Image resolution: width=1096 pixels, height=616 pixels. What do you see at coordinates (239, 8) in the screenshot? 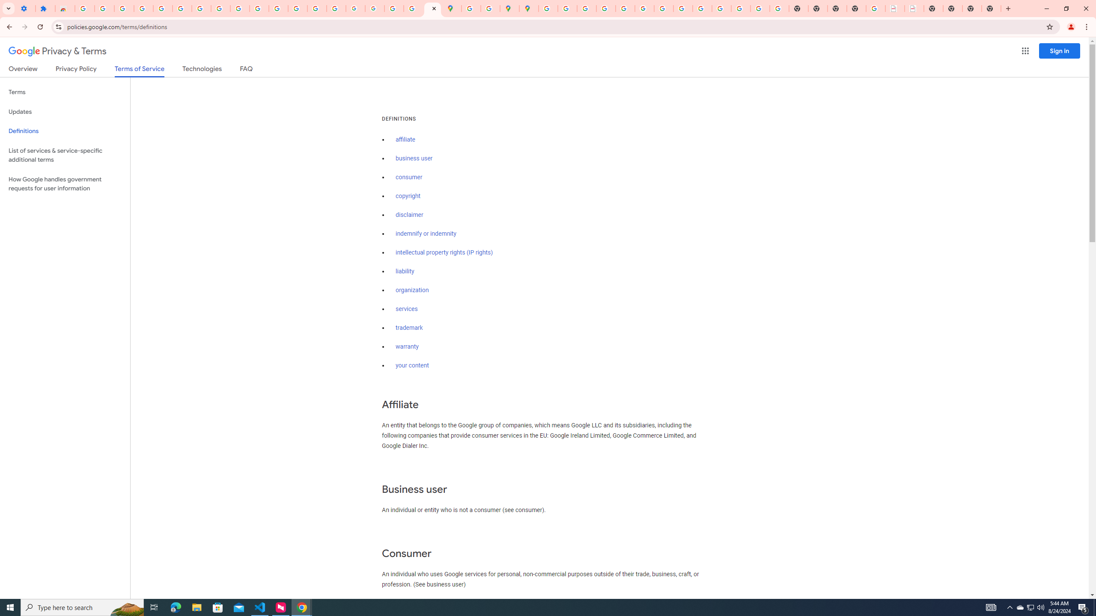
I see `'YouTube'` at bounding box center [239, 8].